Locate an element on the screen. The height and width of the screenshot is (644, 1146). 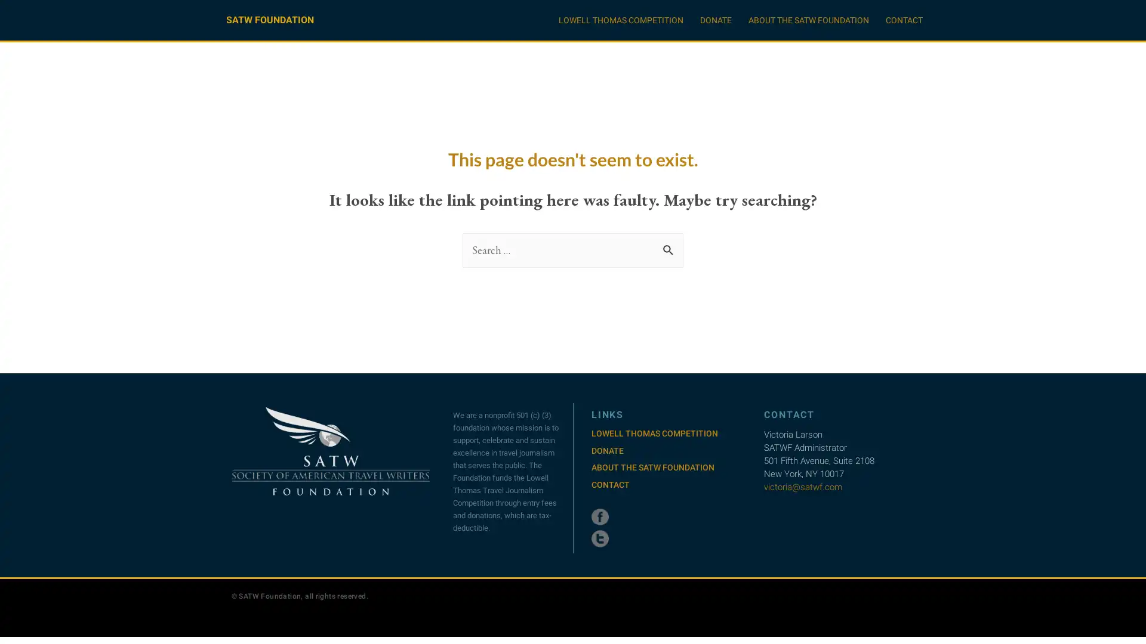
Search is located at coordinates (670, 246).